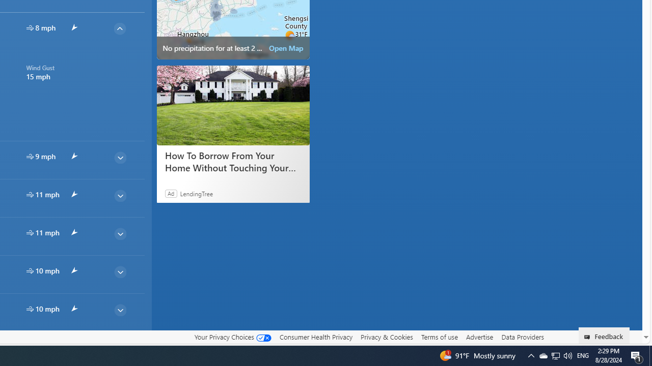 Image resolution: width=652 pixels, height=366 pixels. I want to click on 'Data Providers', so click(522, 337).